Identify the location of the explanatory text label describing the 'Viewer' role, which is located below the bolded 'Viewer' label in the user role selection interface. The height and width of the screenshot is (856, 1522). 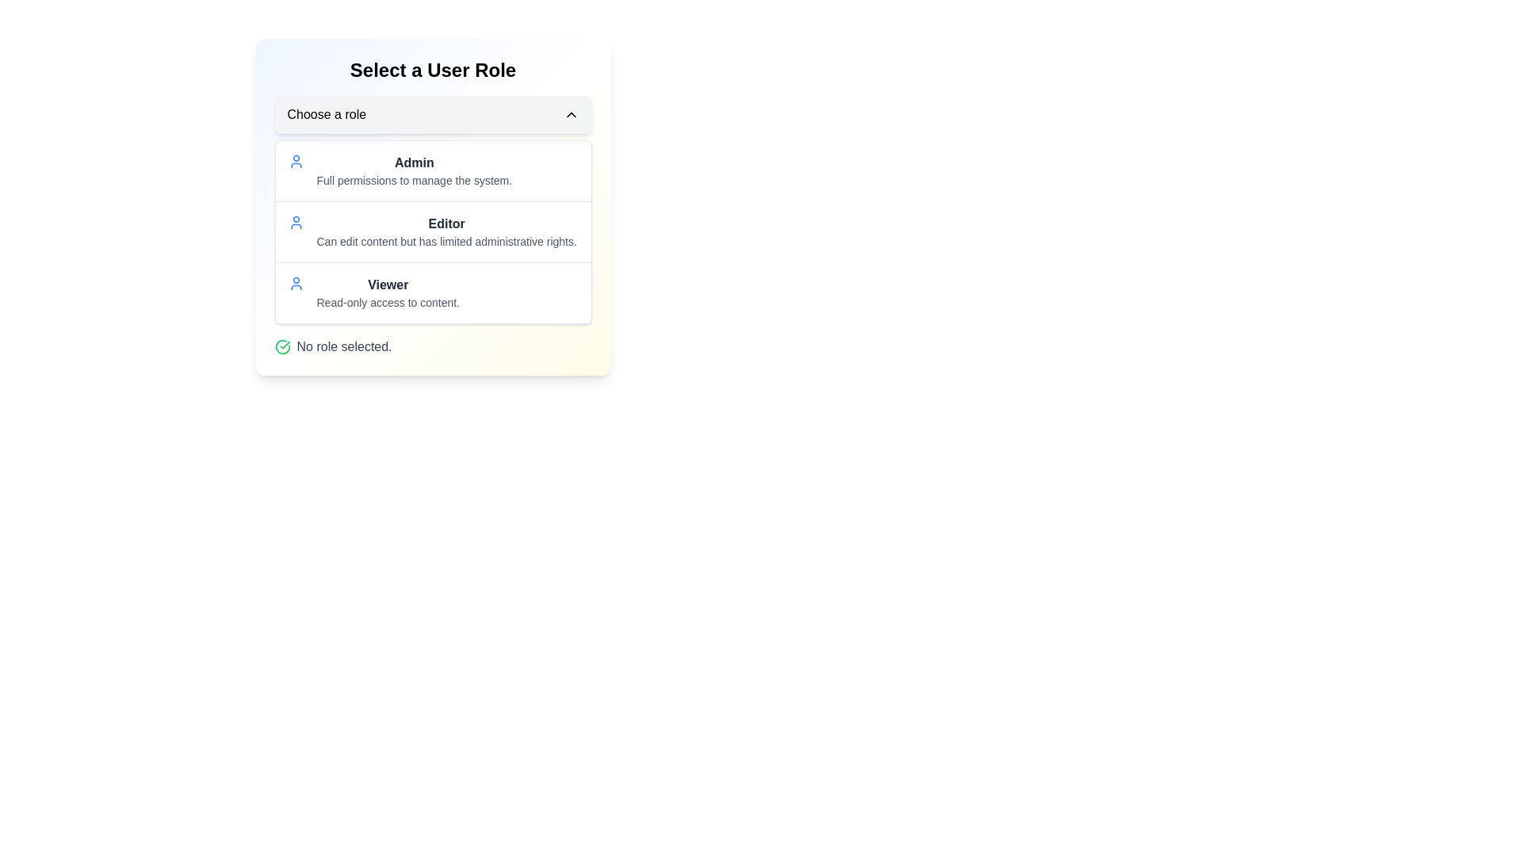
(388, 302).